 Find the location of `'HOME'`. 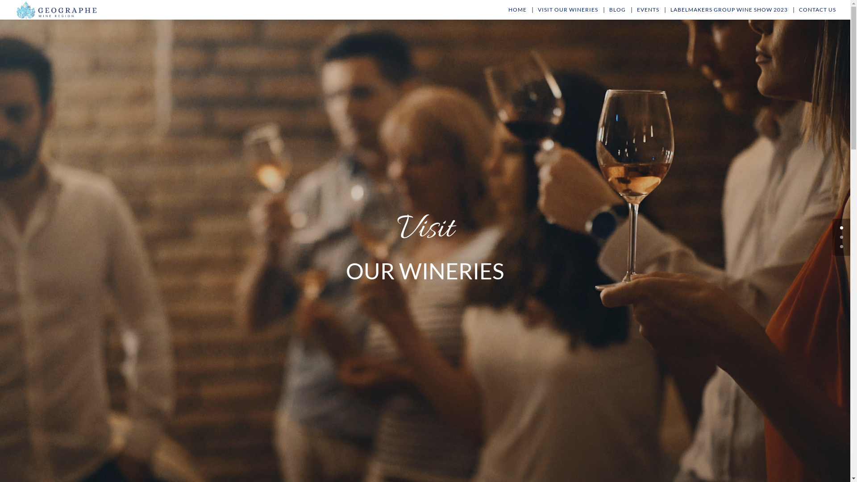

'HOME' is located at coordinates (517, 13).